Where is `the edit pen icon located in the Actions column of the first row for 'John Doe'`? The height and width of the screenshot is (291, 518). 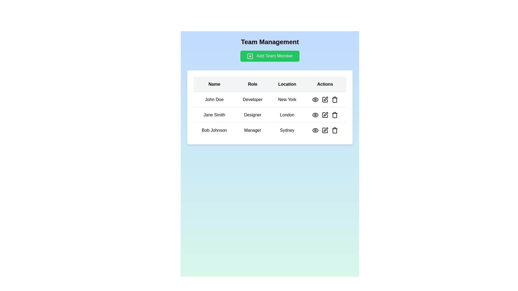 the edit pen icon located in the Actions column of the first row for 'John Doe' is located at coordinates (326, 99).